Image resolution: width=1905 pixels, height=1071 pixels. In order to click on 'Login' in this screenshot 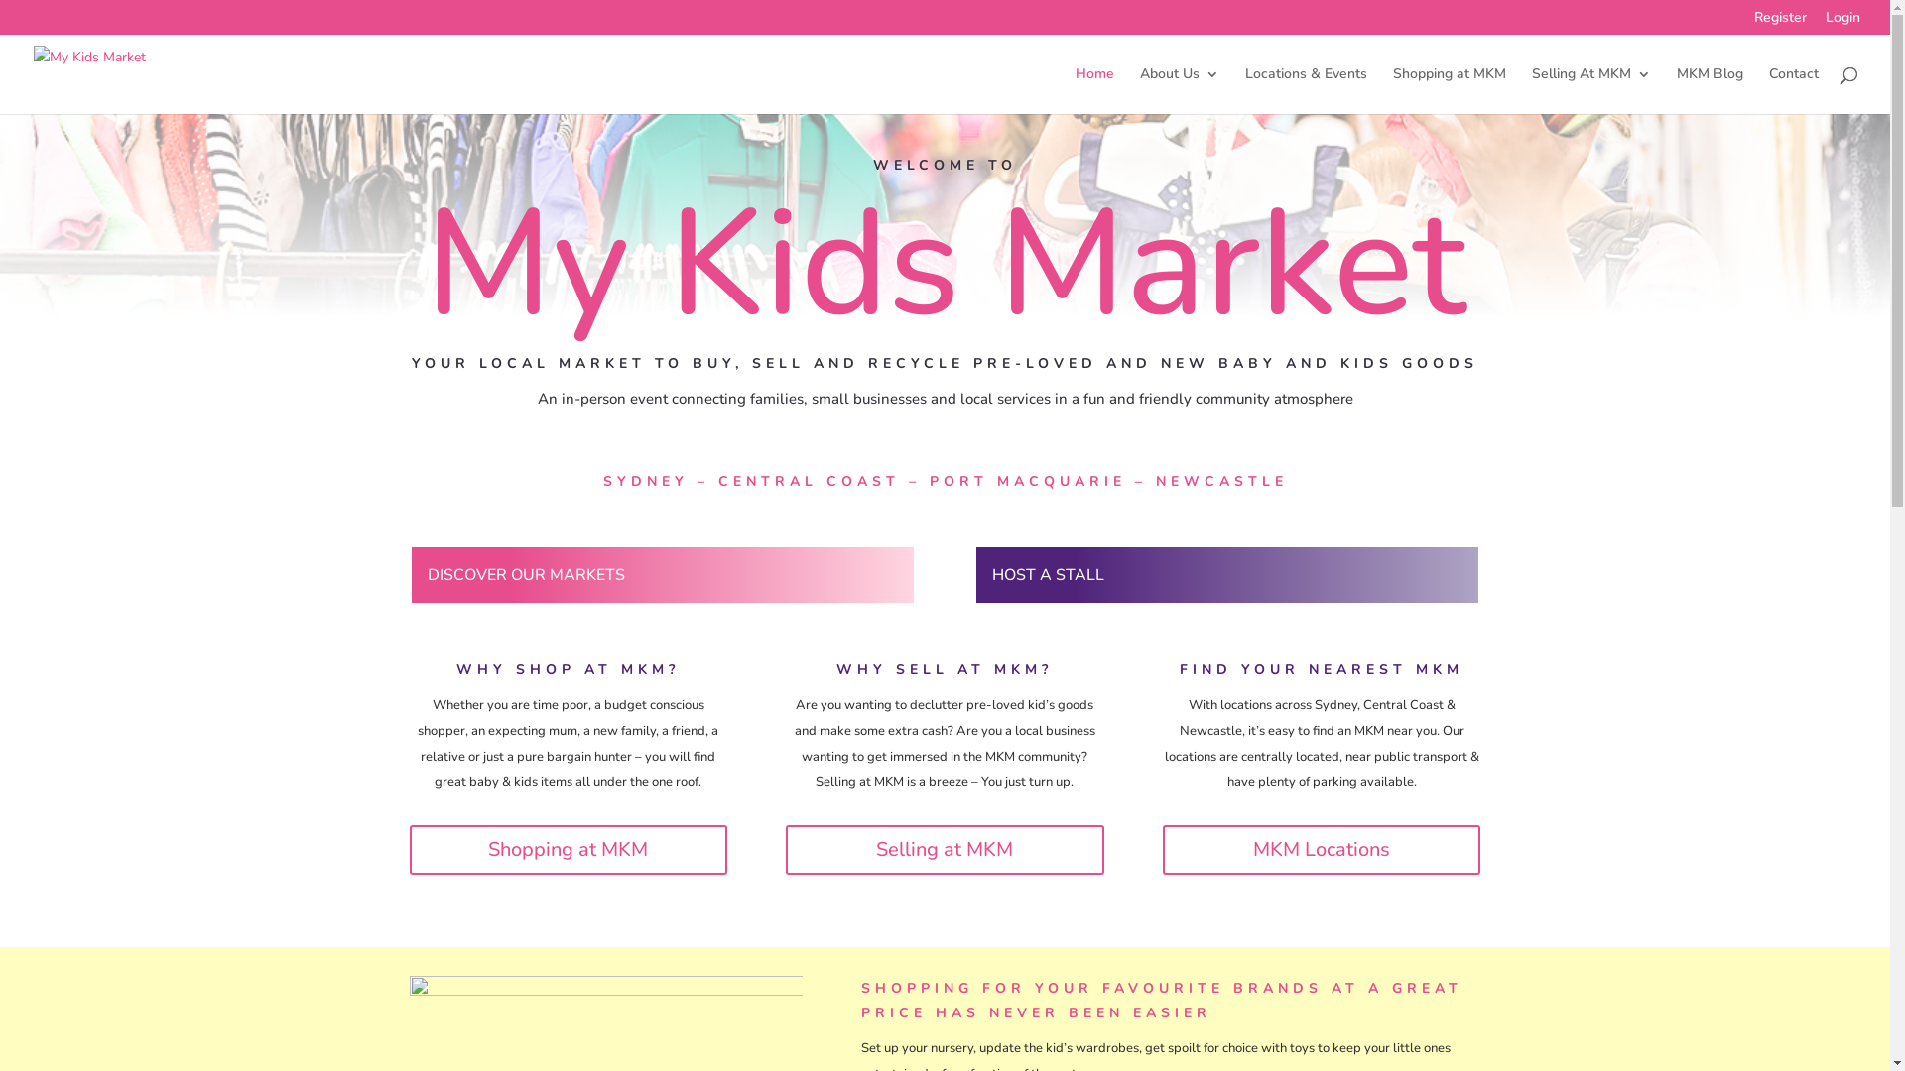, I will do `click(1841, 22)`.